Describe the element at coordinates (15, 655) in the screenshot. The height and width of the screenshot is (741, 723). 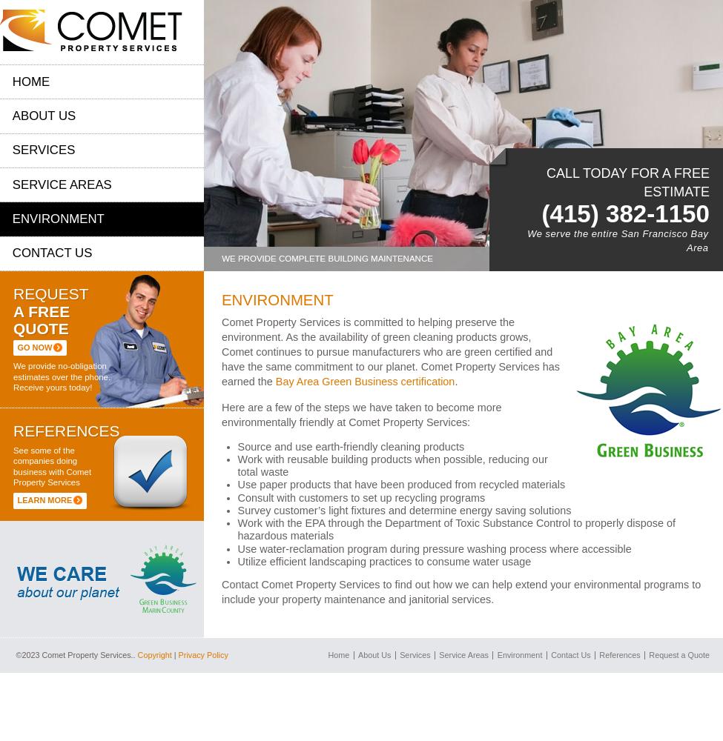
I see `'©2023 Comet Property Services..'` at that location.